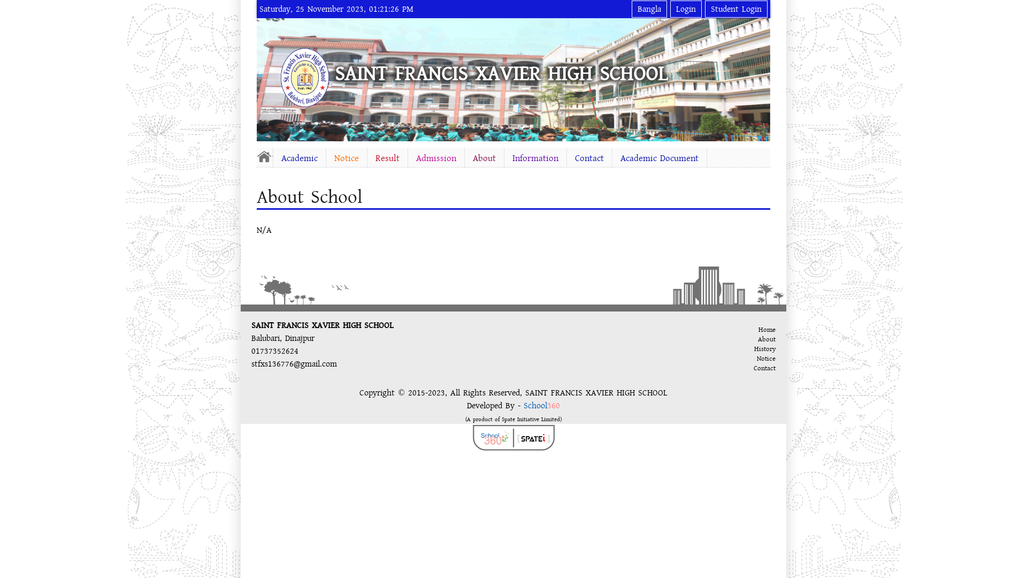 This screenshot has width=1027, height=578. I want to click on 'Notice', so click(347, 158).